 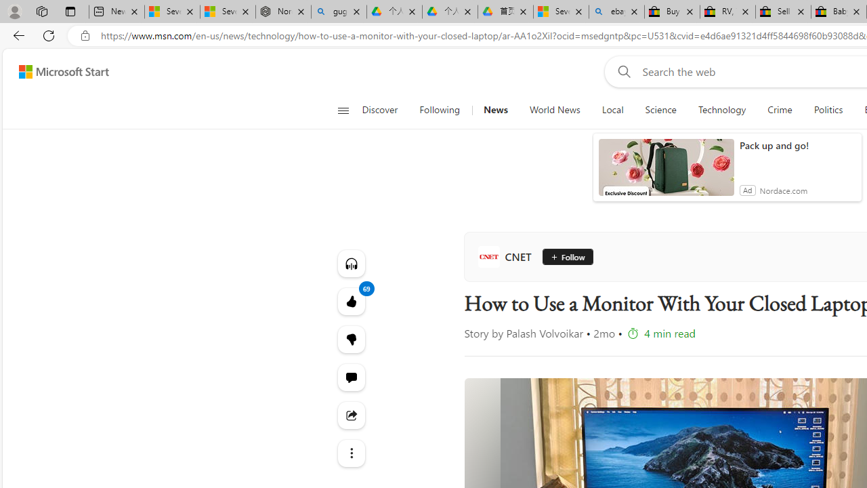 I want to click on 'Share this story', so click(x=351, y=414).